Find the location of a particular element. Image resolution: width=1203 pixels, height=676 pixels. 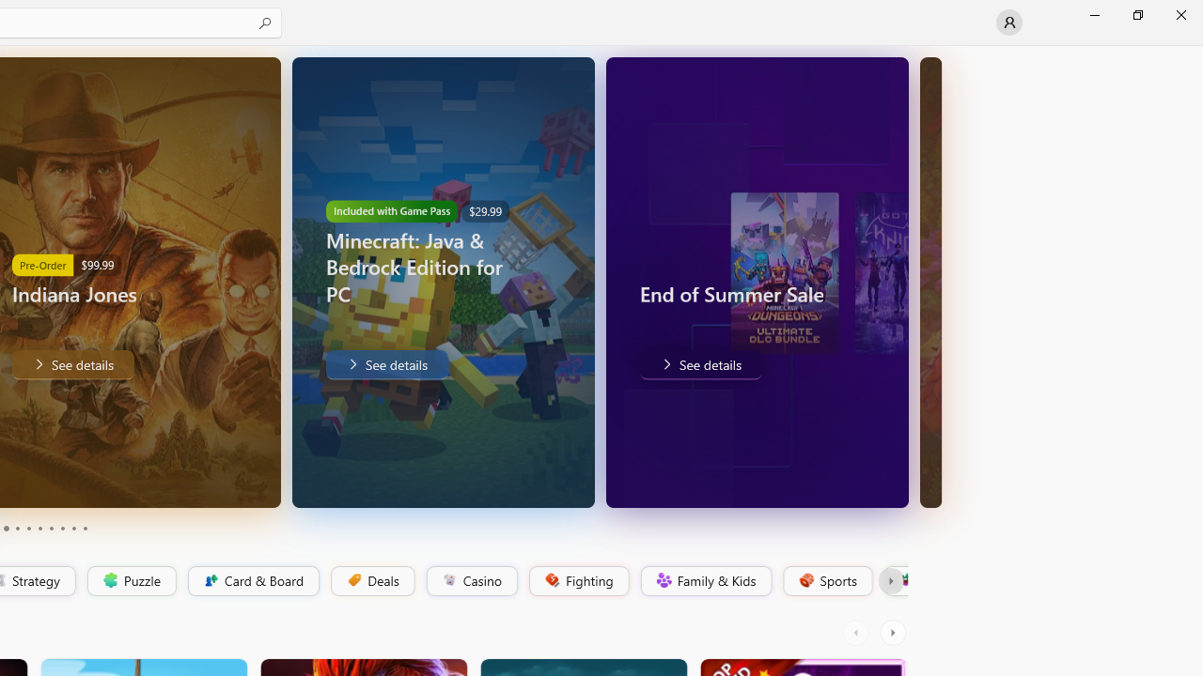

'Page 5' is located at coordinates (28, 529).